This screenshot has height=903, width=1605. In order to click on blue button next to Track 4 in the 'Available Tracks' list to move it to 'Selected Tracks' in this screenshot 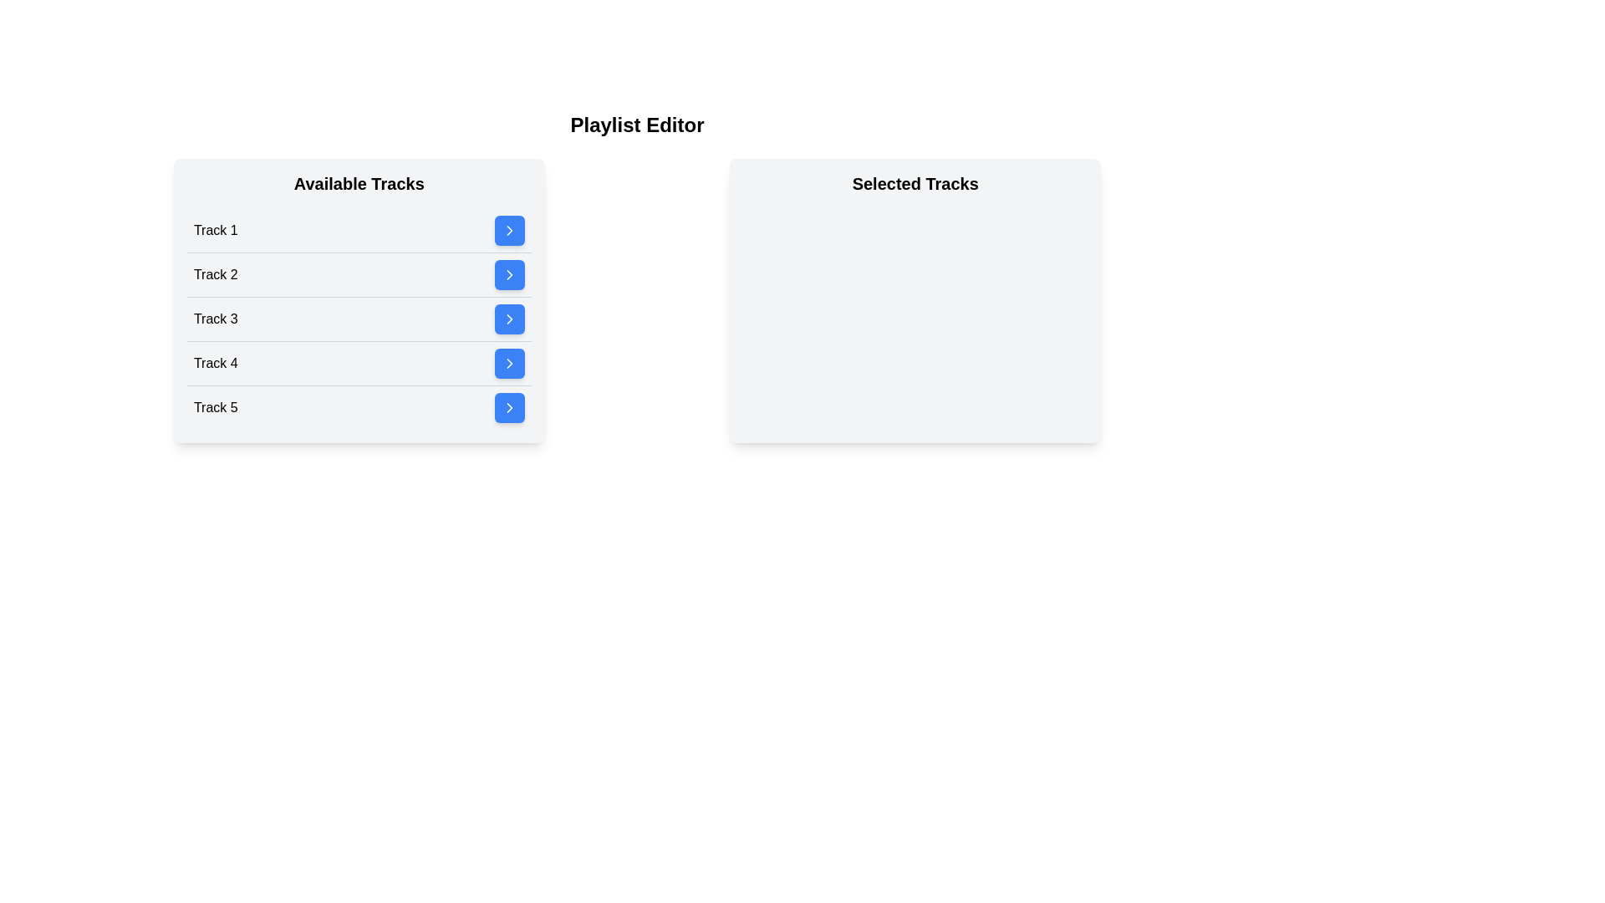, I will do `click(508, 363)`.